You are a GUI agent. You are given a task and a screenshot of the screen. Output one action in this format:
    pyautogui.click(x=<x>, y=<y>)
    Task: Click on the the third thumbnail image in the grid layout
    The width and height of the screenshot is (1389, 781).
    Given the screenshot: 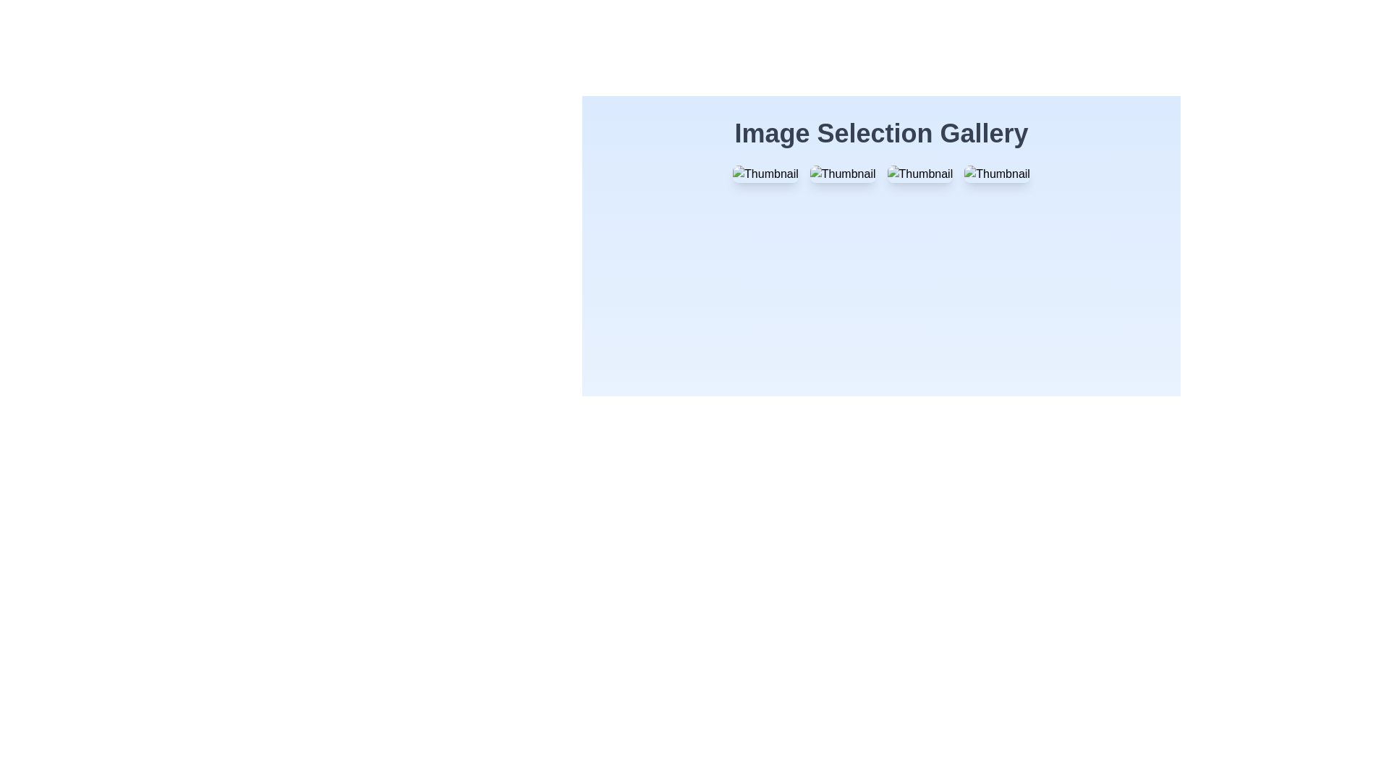 What is the action you would take?
    pyautogui.click(x=919, y=173)
    